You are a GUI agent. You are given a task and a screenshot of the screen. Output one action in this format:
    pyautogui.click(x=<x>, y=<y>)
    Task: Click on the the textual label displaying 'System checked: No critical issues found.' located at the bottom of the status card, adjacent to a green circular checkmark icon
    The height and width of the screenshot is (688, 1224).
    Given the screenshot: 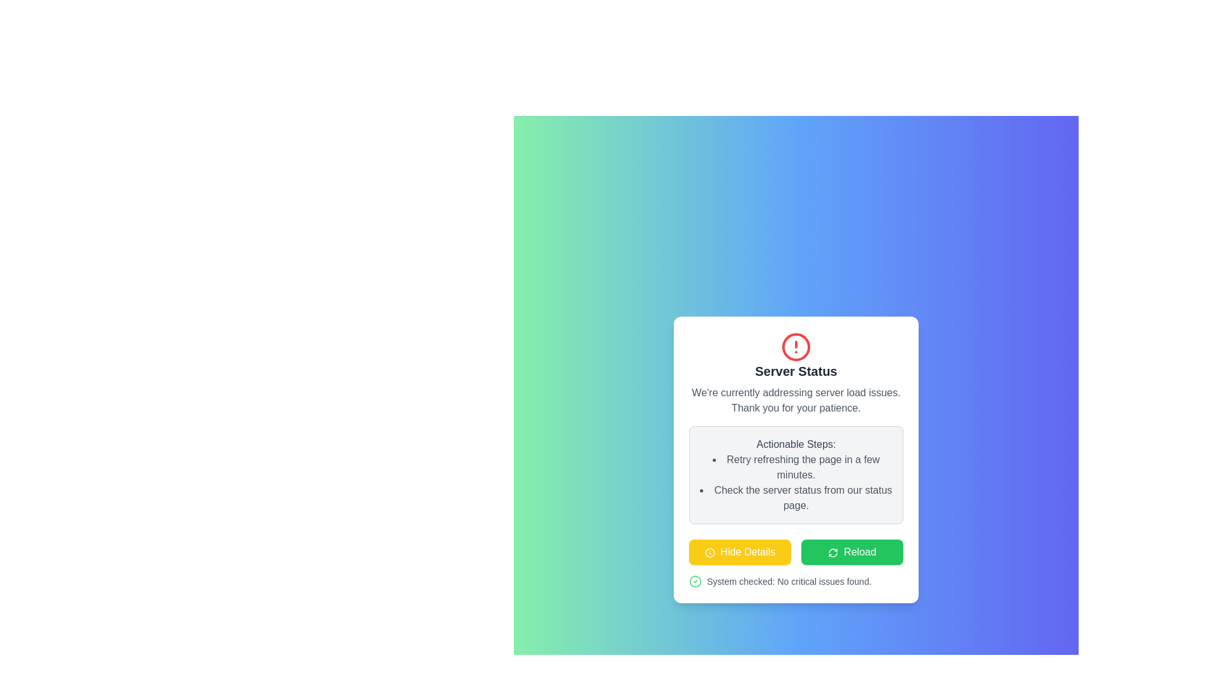 What is the action you would take?
    pyautogui.click(x=789, y=582)
    